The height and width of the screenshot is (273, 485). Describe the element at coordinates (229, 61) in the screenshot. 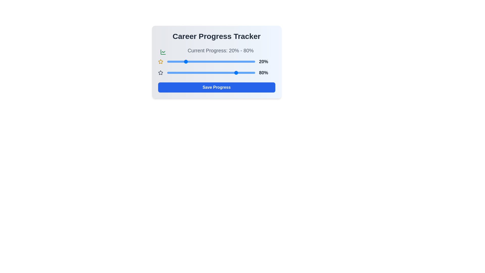

I see `the progress slider for the first value to 71%` at that location.